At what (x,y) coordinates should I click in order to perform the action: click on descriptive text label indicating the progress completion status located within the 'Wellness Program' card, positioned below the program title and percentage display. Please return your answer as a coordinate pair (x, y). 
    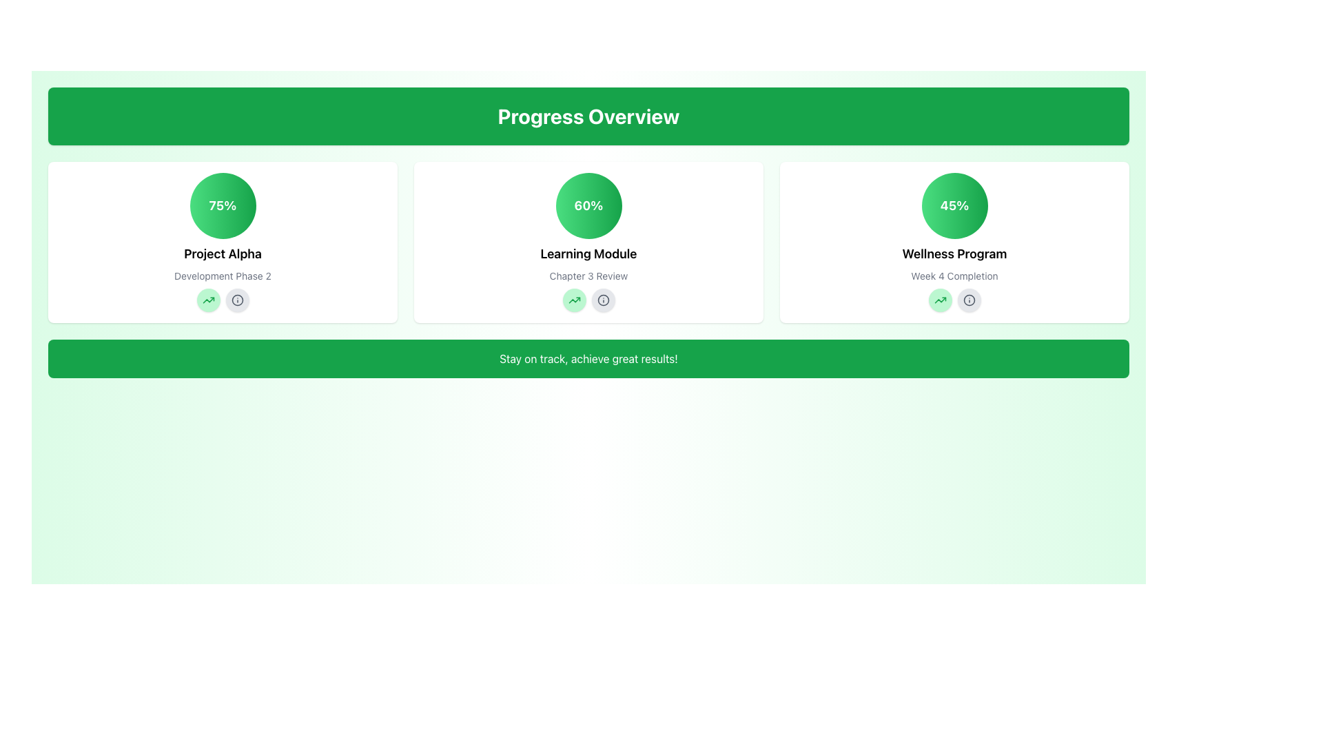
    Looking at the image, I should click on (954, 276).